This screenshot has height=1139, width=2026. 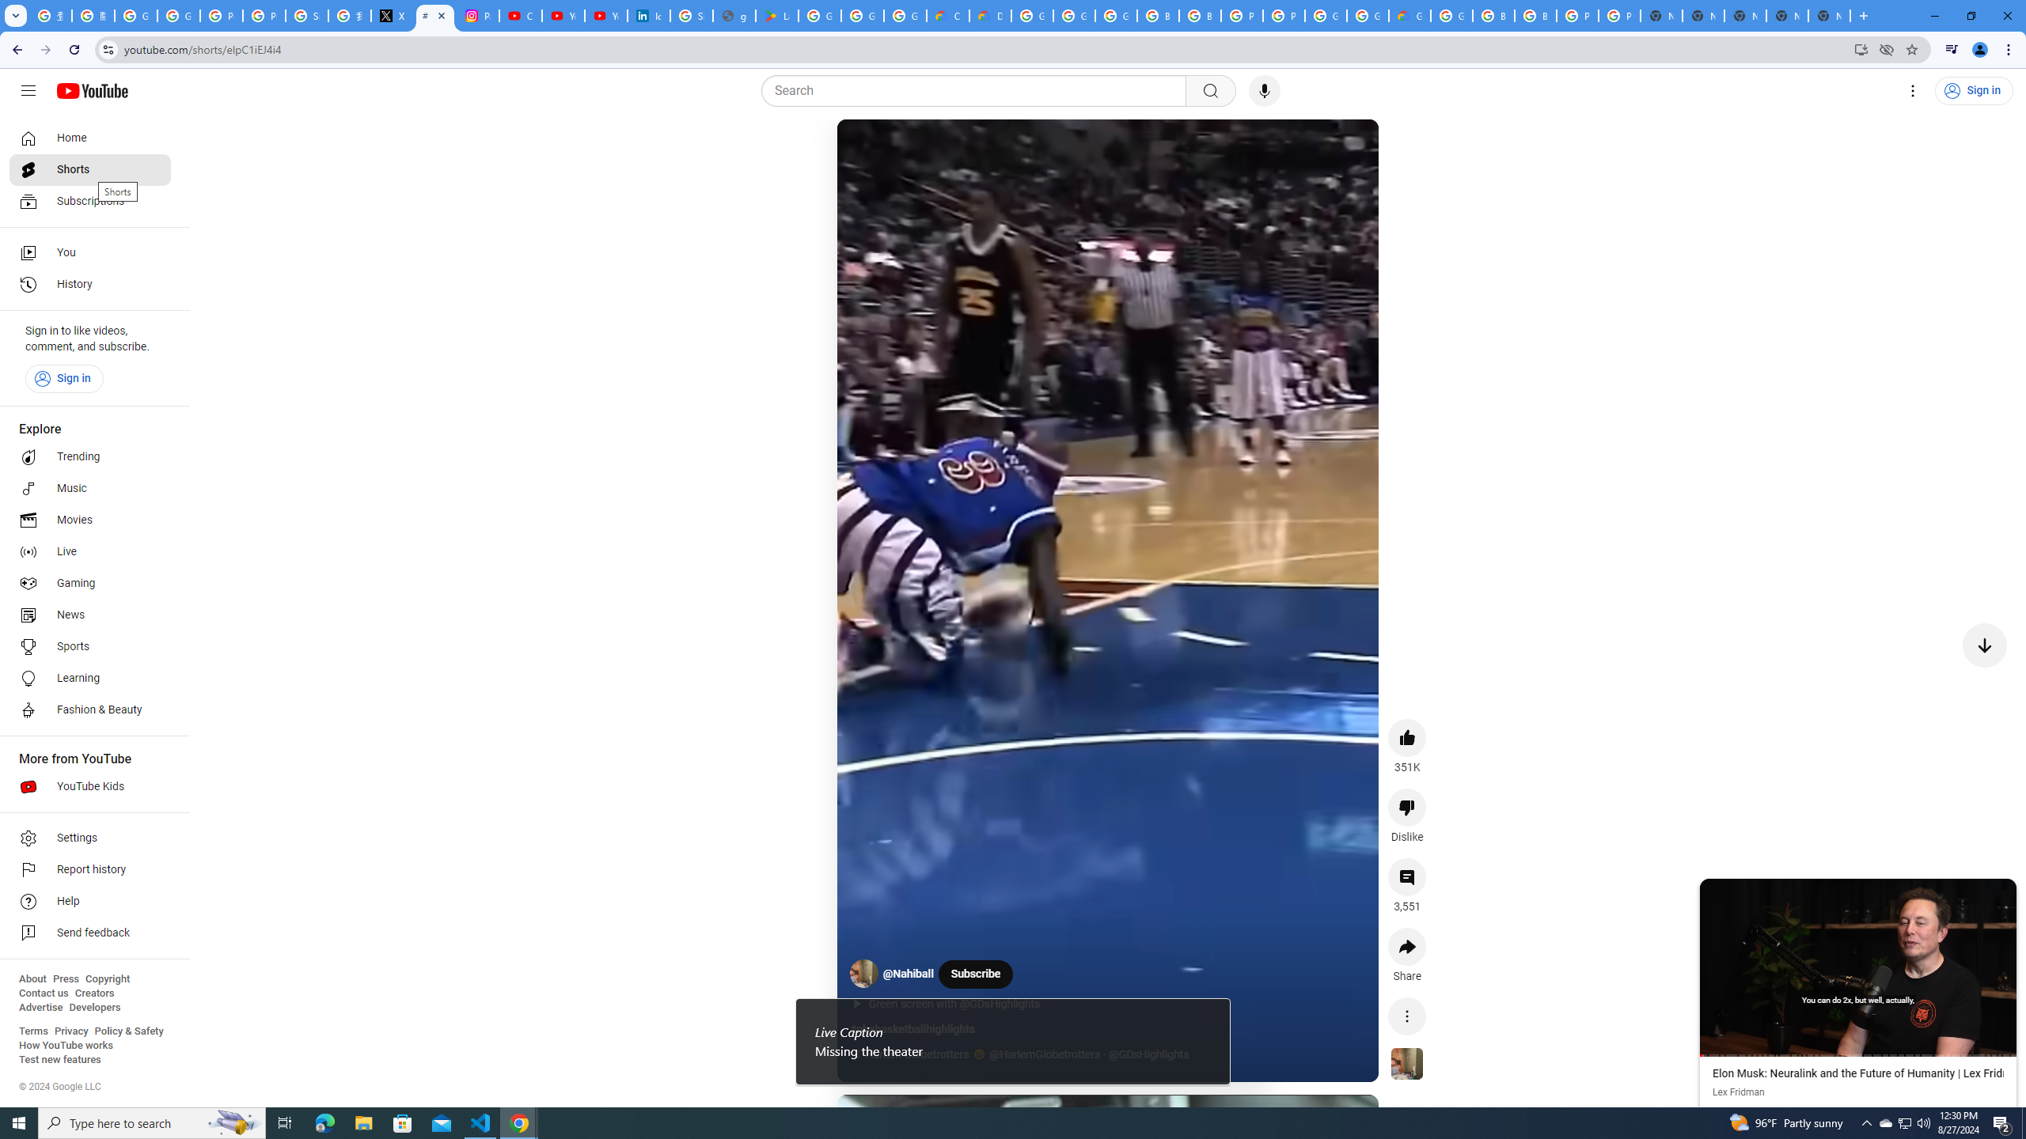 What do you see at coordinates (40, 1006) in the screenshot?
I see `'Advertise'` at bounding box center [40, 1006].